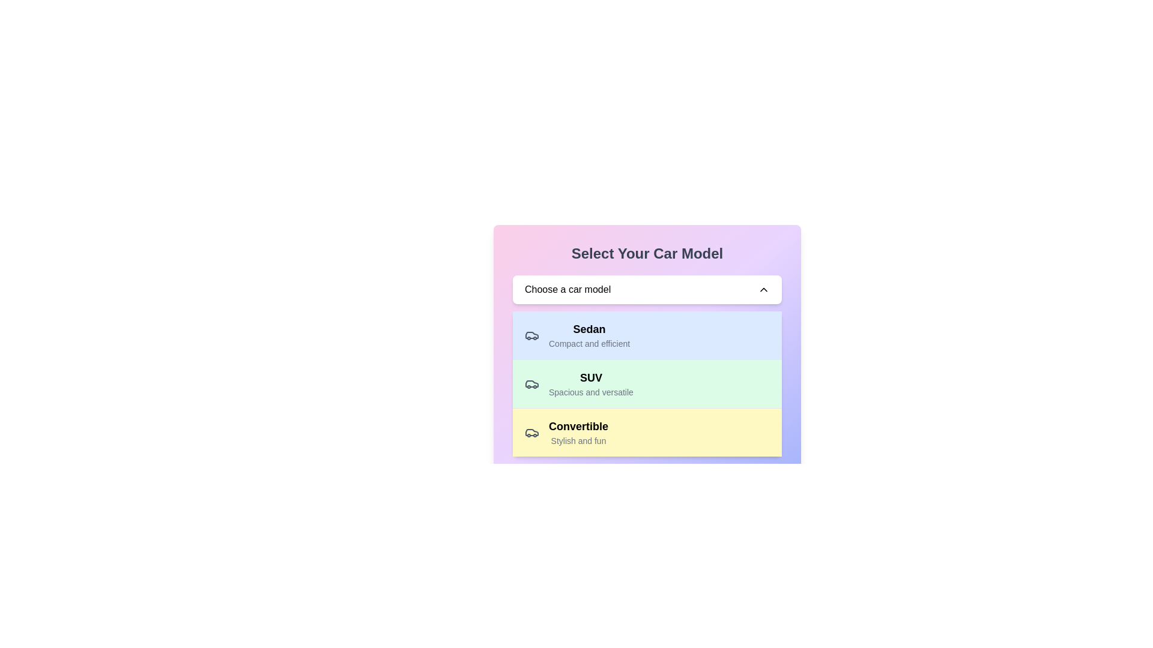 This screenshot has height=648, width=1153. Describe the element at coordinates (591, 384) in the screenshot. I see `the Information display block that shows 'SUV' in bold and larger font, with the description 'Spacious and versatile' below it, located in the middle of three selectable car model options` at that location.